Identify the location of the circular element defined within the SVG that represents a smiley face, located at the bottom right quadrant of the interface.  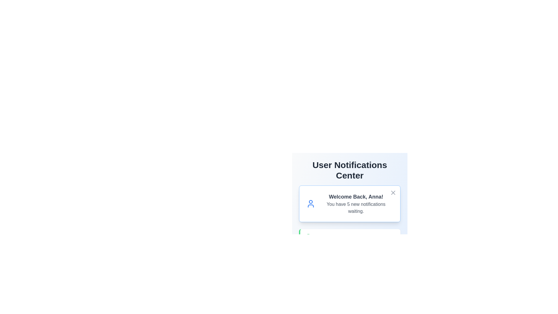
(308, 279).